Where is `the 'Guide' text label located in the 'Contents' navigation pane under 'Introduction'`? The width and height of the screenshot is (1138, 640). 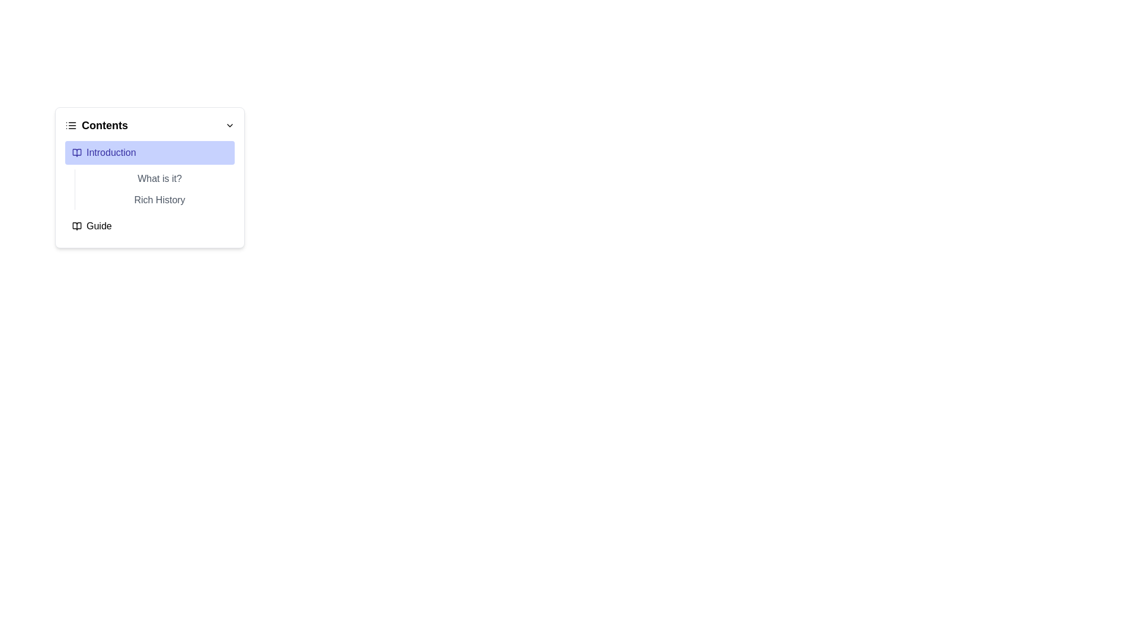
the 'Guide' text label located in the 'Contents' navigation pane under 'Introduction' is located at coordinates (99, 226).